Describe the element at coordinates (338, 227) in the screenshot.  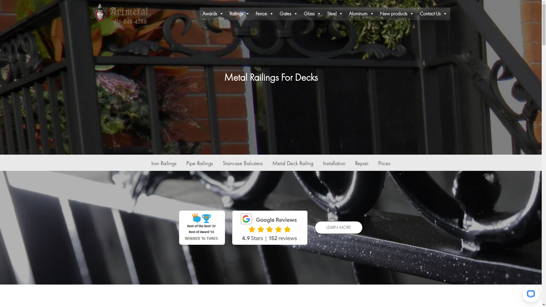
I see `'LEARN MORE'` at that location.